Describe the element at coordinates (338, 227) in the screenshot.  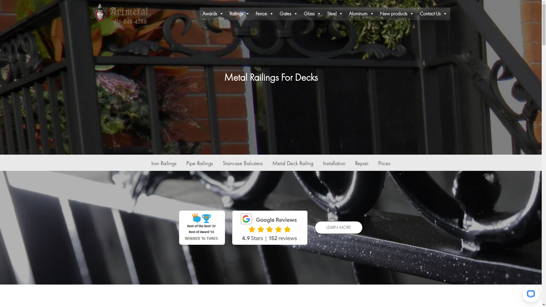
I see `'LEARN MORE'` at that location.